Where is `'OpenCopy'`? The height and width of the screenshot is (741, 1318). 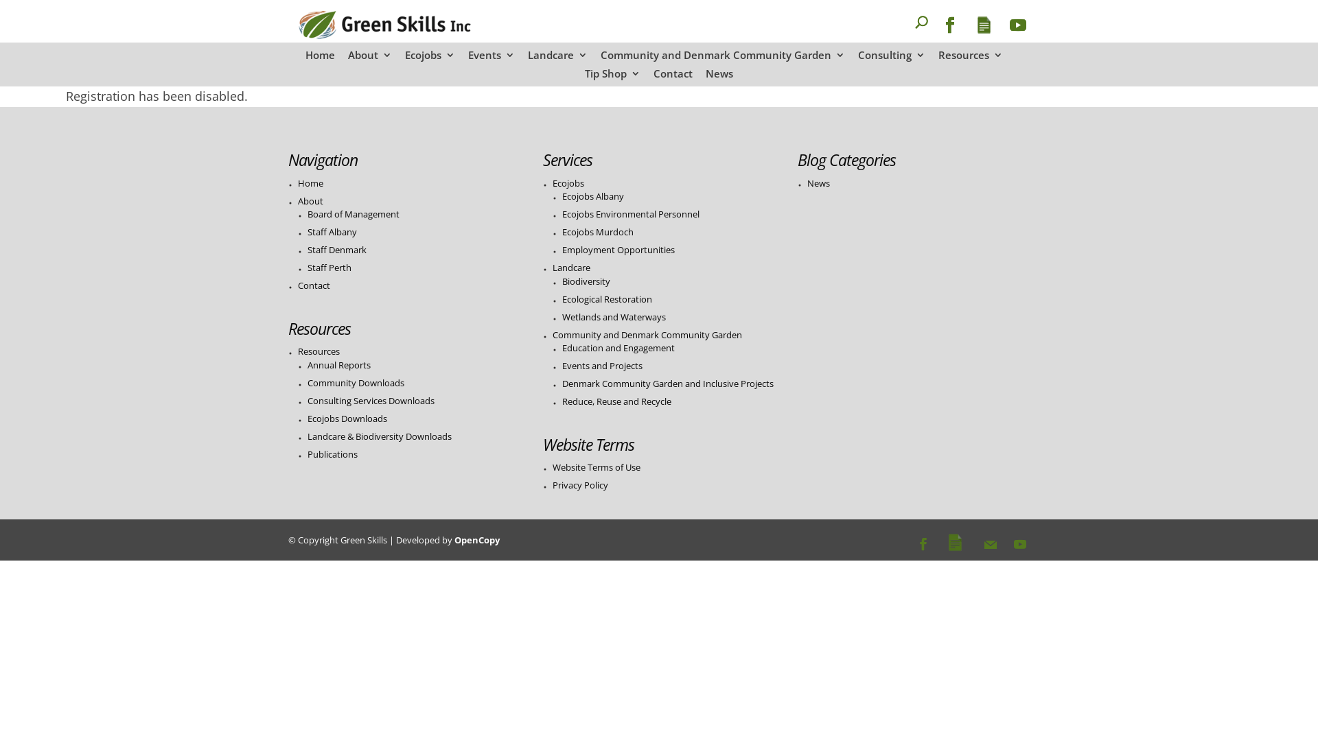 'OpenCopy' is located at coordinates (454, 539).